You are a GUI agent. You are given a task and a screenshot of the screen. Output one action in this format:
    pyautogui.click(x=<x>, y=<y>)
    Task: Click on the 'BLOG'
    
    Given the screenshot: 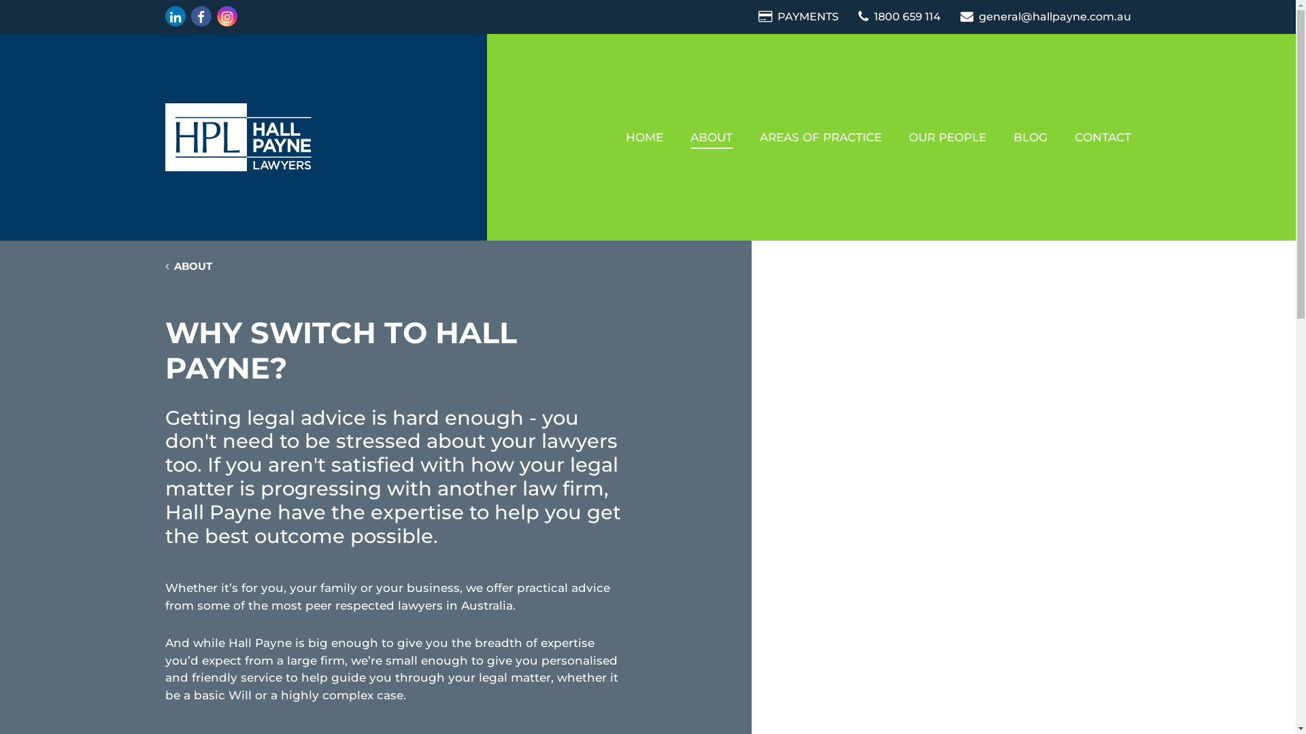 What is the action you would take?
    pyautogui.click(x=1031, y=137)
    